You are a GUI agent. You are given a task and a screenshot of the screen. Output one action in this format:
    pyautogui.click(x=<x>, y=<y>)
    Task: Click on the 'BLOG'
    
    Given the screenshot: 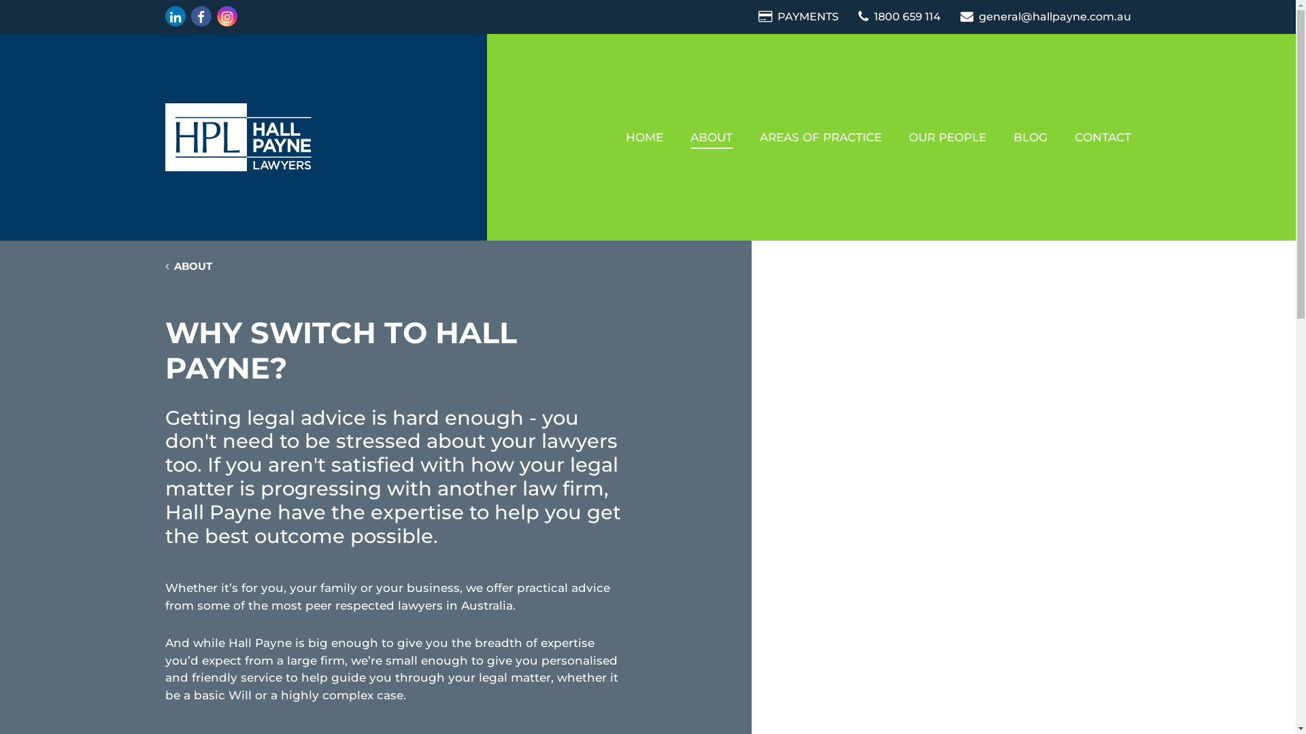 What is the action you would take?
    pyautogui.click(x=1031, y=137)
    